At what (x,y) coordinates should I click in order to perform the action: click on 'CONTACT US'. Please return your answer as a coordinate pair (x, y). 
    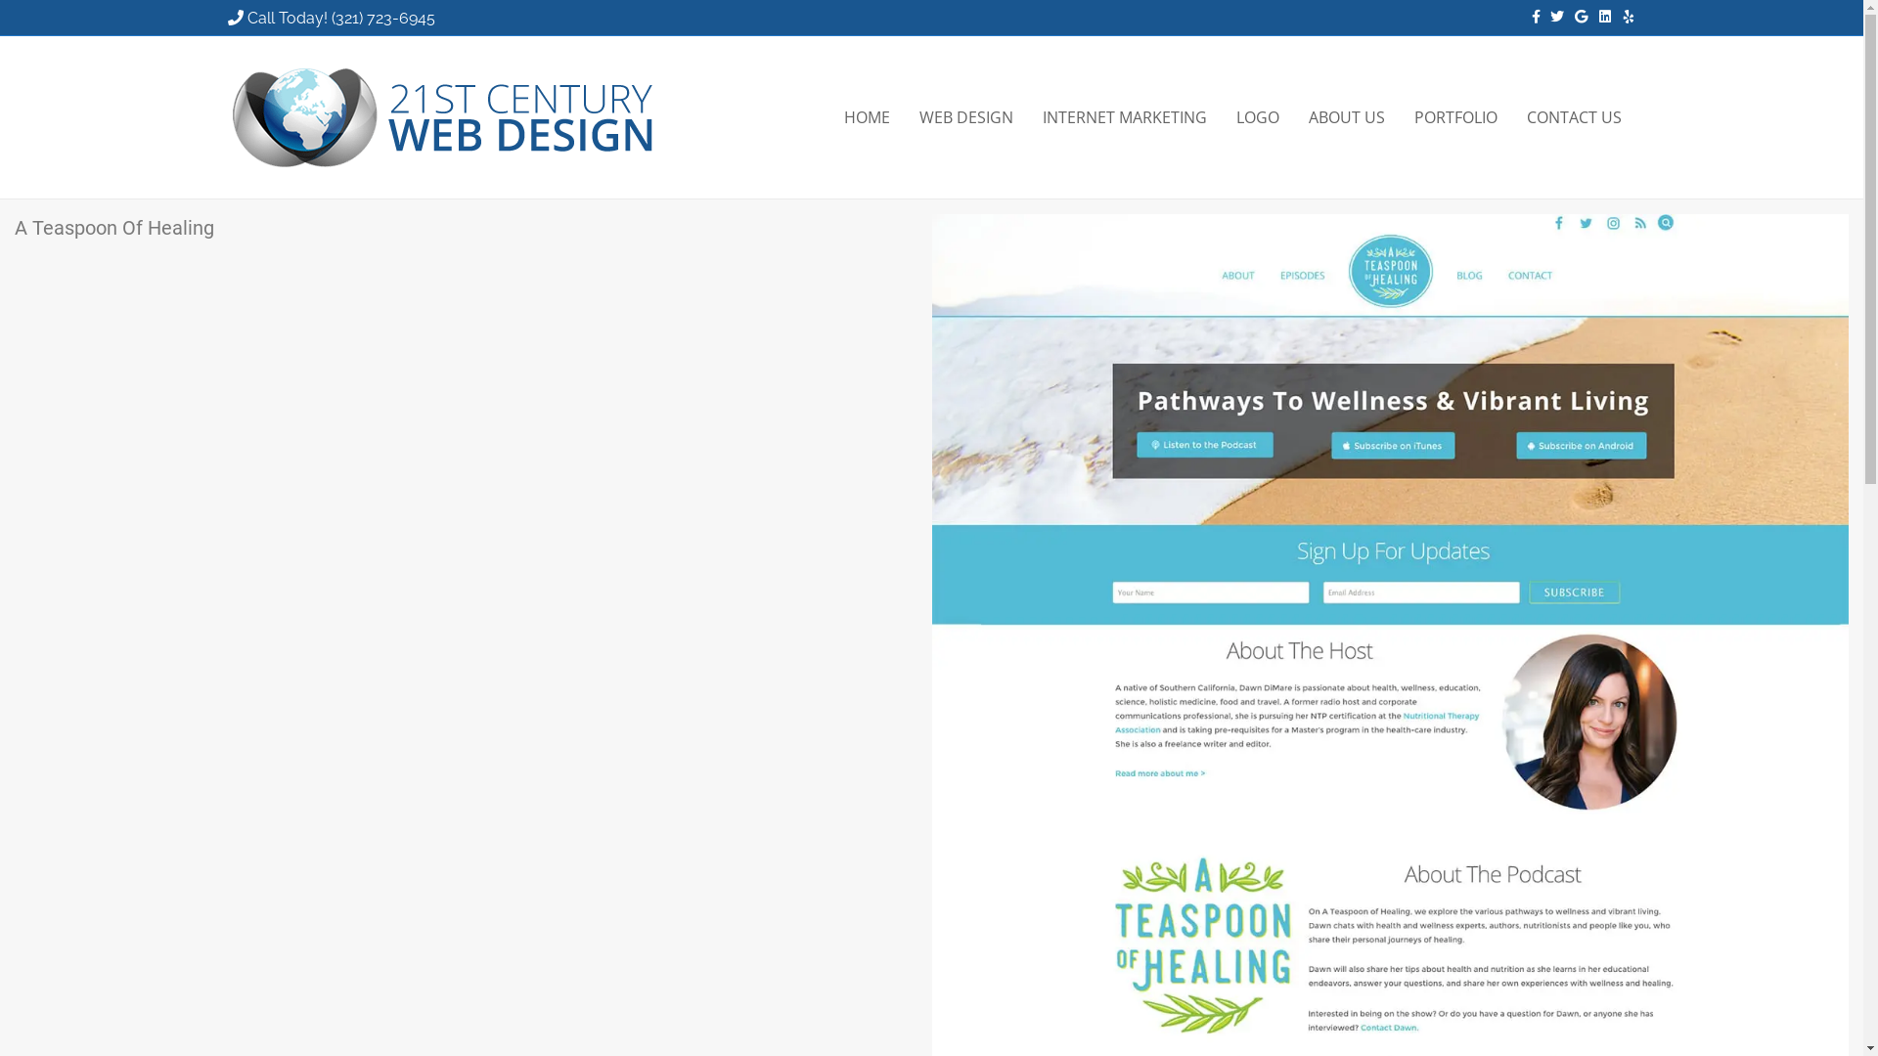
    Looking at the image, I should click on (1574, 116).